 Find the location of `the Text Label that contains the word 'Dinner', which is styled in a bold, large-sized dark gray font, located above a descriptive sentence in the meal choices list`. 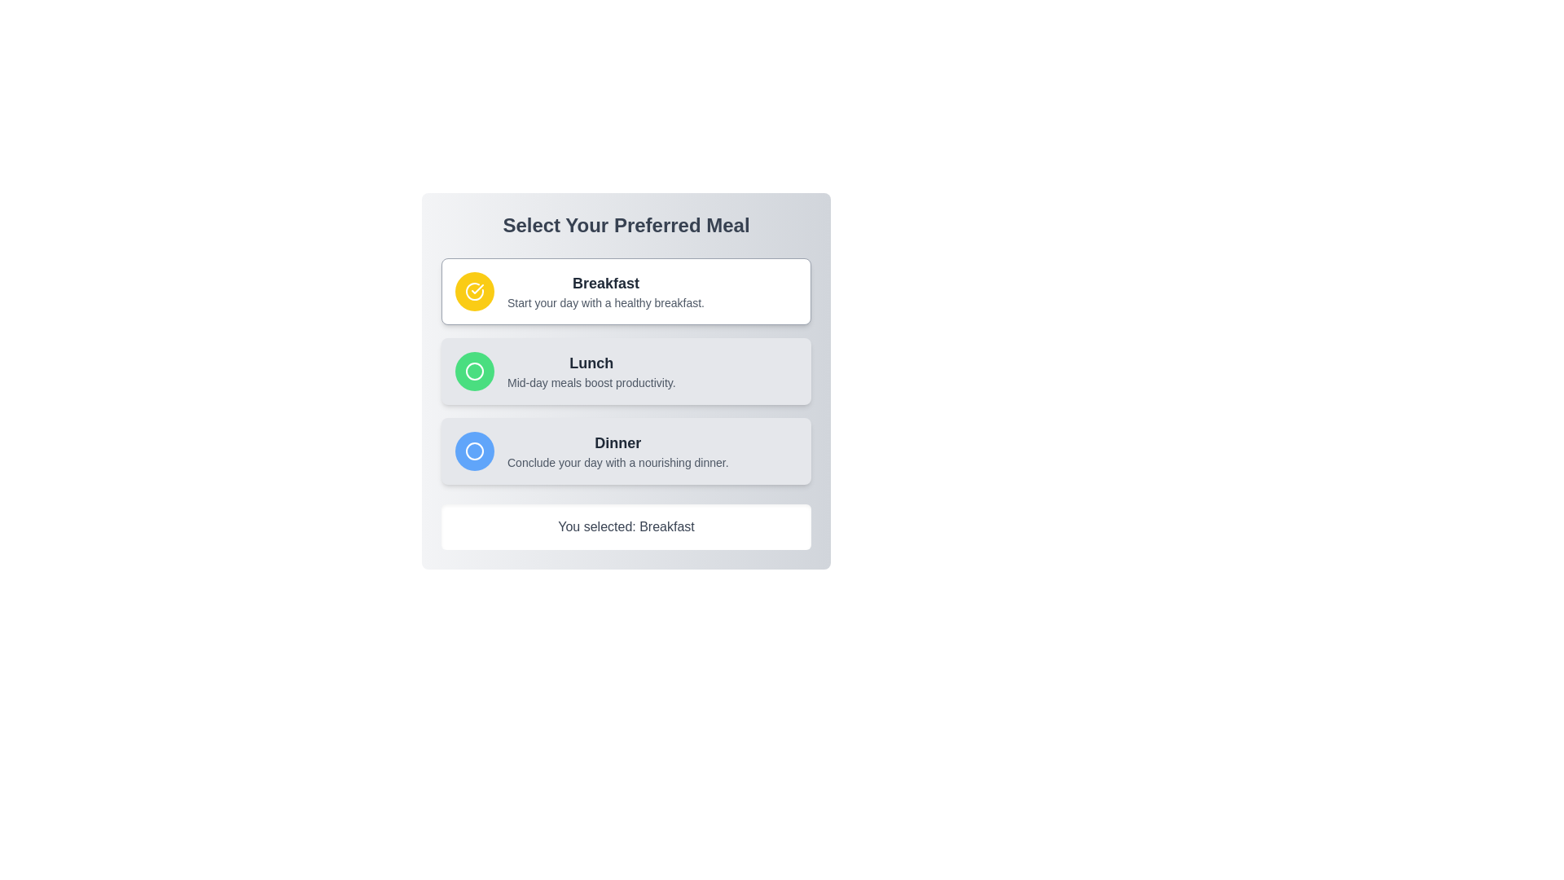

the Text Label that contains the word 'Dinner', which is styled in a bold, large-sized dark gray font, located above a descriptive sentence in the meal choices list is located at coordinates (617, 442).